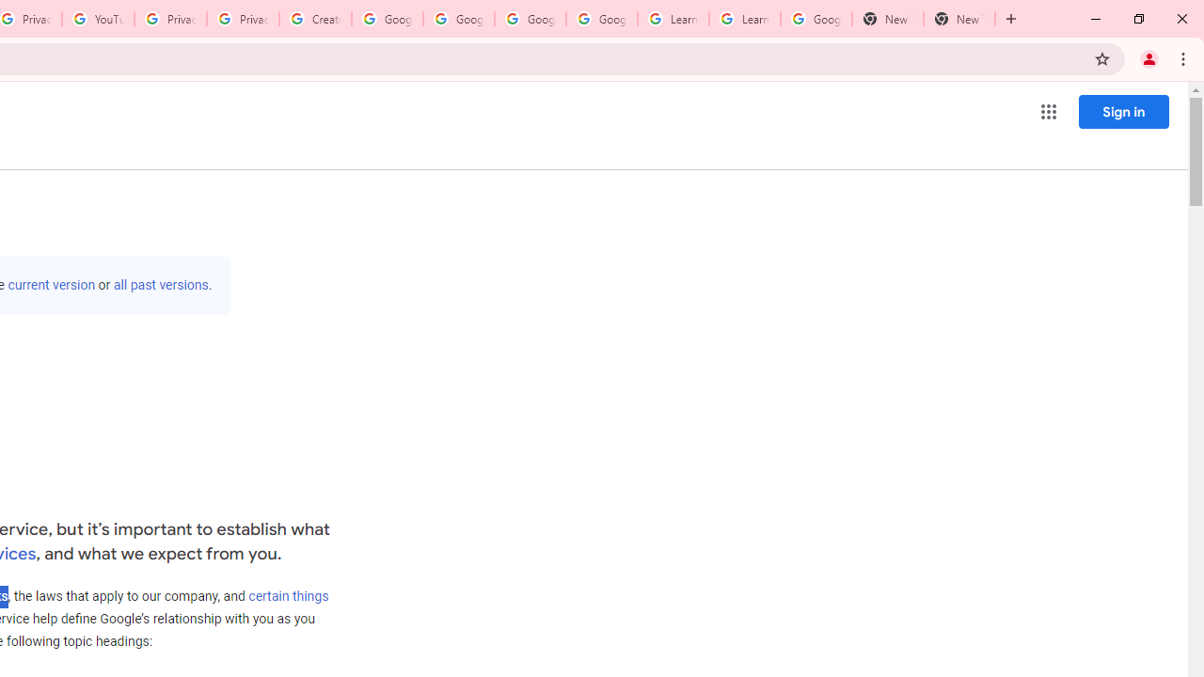  What do you see at coordinates (97, 19) in the screenshot?
I see `'YouTube'` at bounding box center [97, 19].